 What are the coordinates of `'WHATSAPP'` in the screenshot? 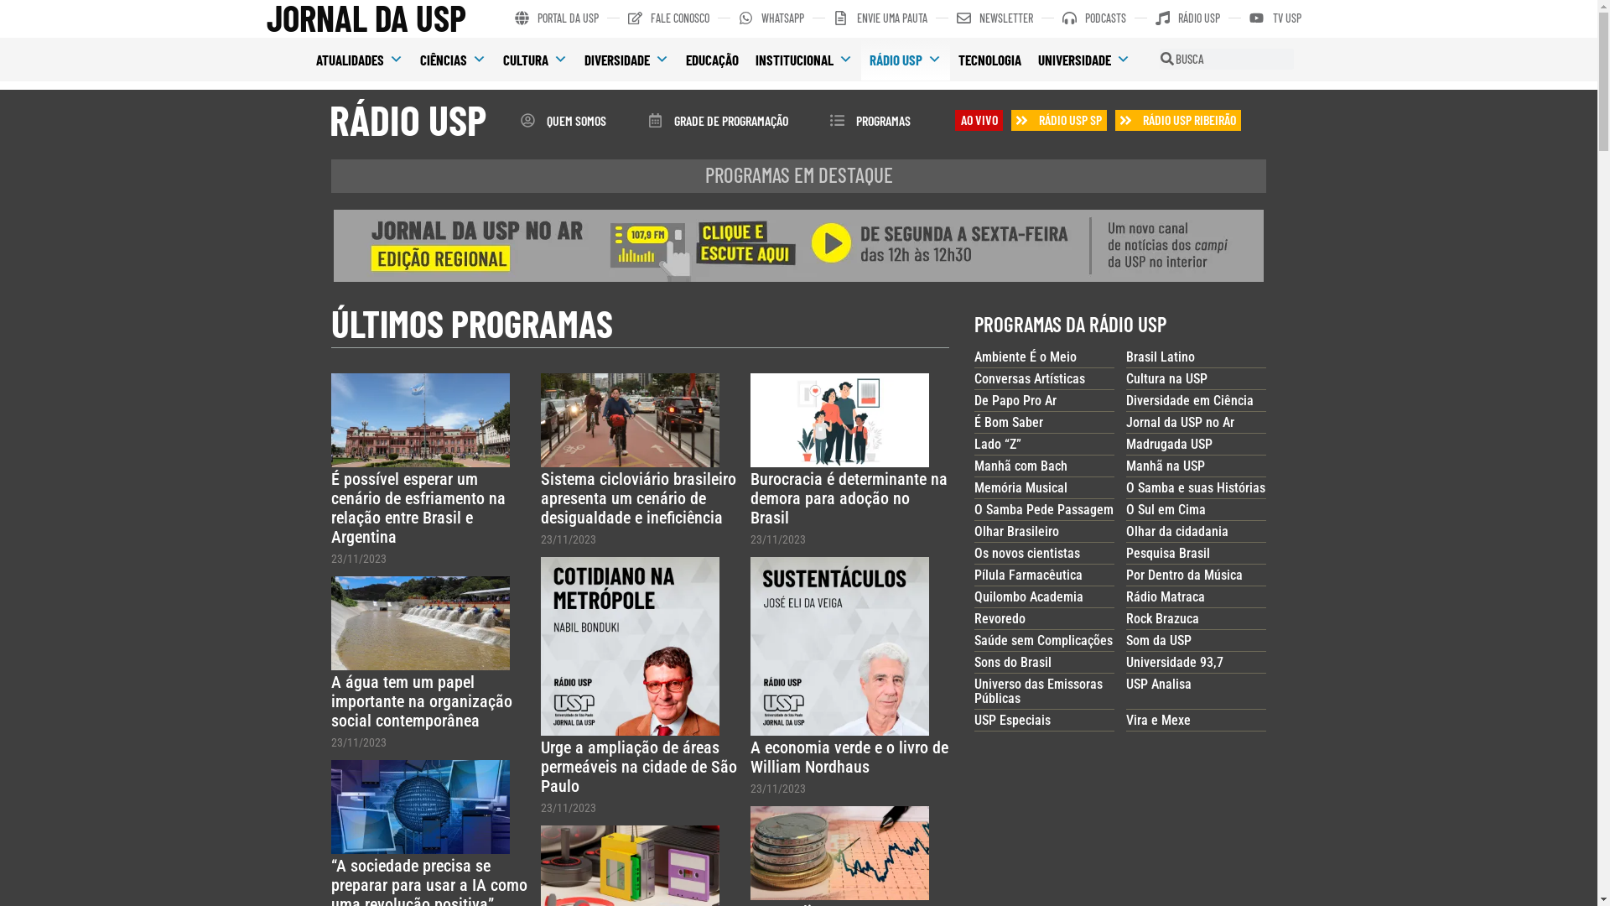 It's located at (771, 18).